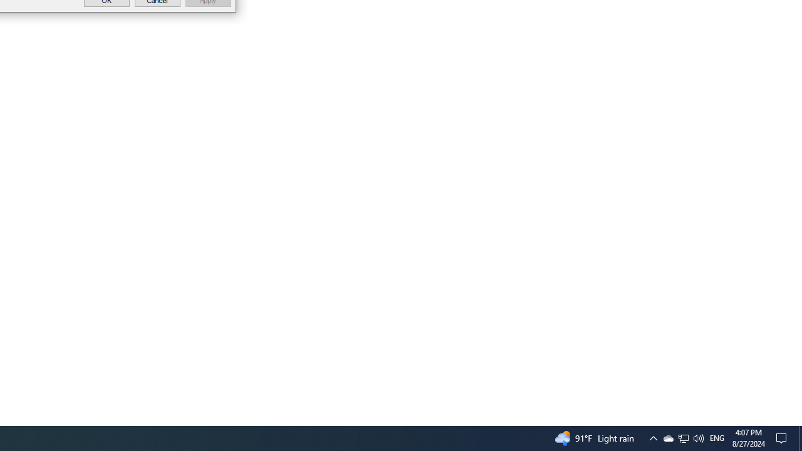  What do you see at coordinates (717, 437) in the screenshot?
I see `'Tray Input Indicator - English (United States)'` at bounding box center [717, 437].